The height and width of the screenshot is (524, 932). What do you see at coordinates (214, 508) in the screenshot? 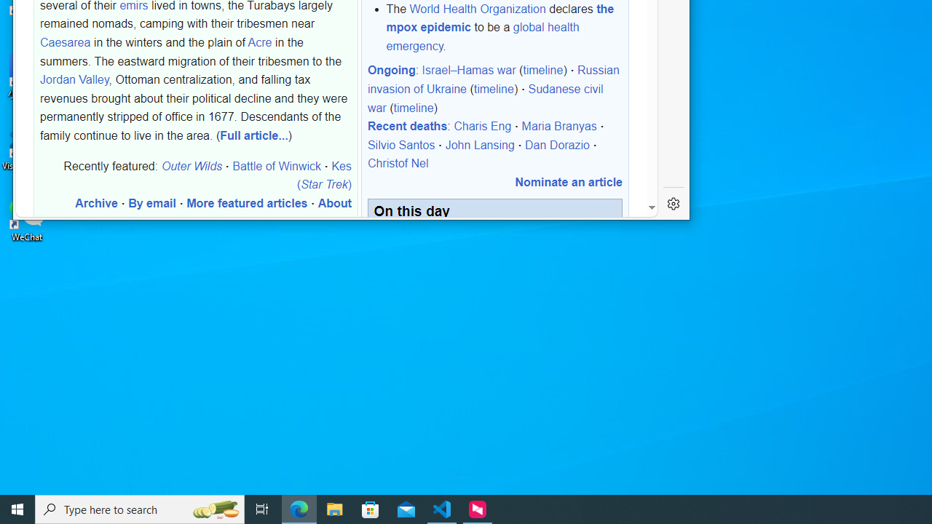
I see `'Search highlights icon opens search home window'` at bounding box center [214, 508].